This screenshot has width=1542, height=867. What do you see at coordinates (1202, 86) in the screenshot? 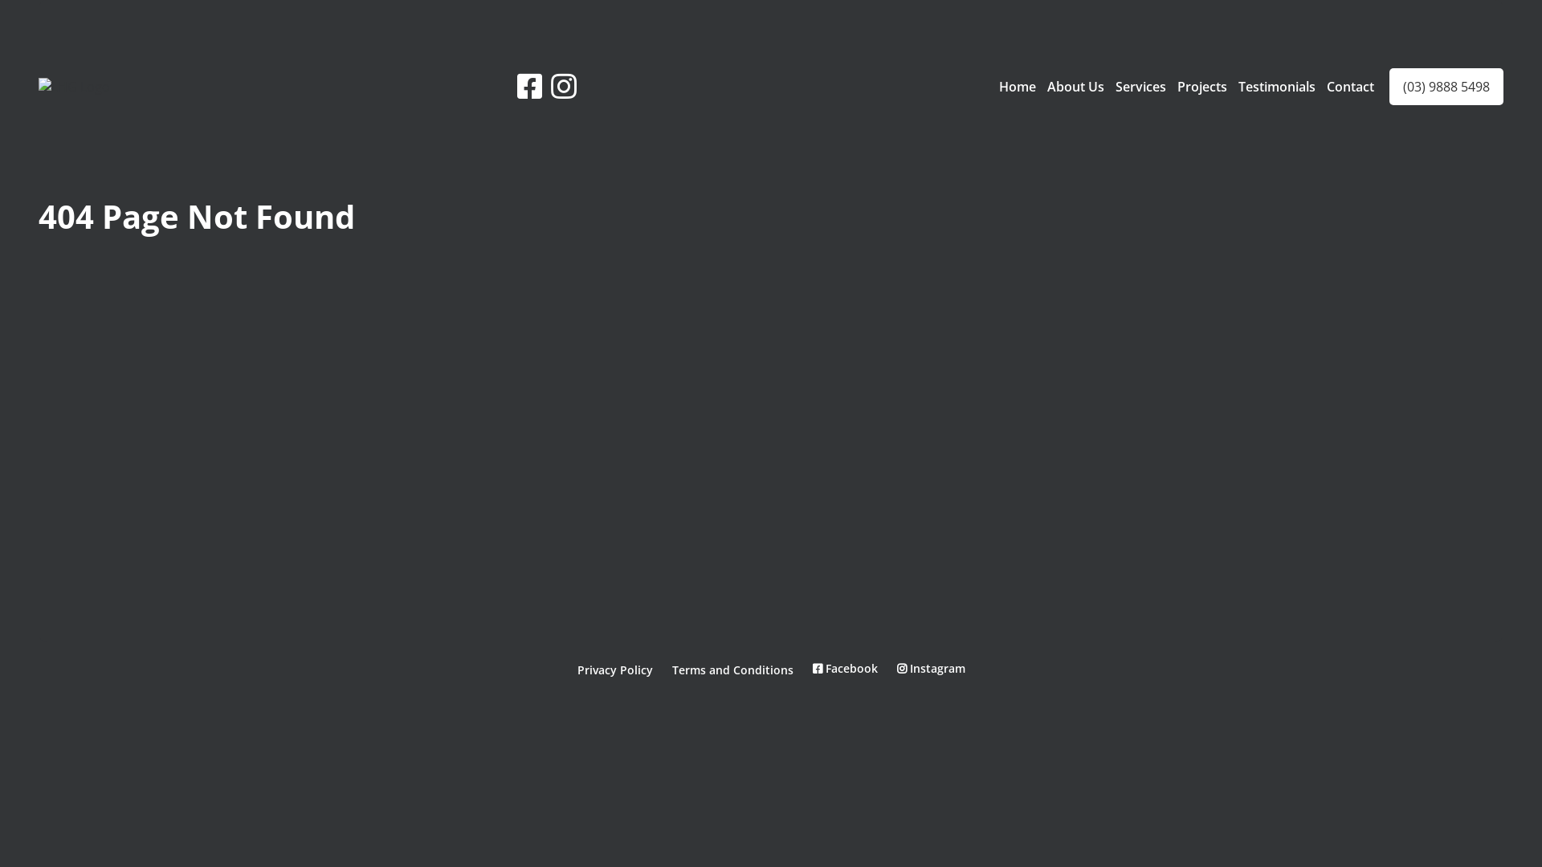
I see `'Projects'` at bounding box center [1202, 86].